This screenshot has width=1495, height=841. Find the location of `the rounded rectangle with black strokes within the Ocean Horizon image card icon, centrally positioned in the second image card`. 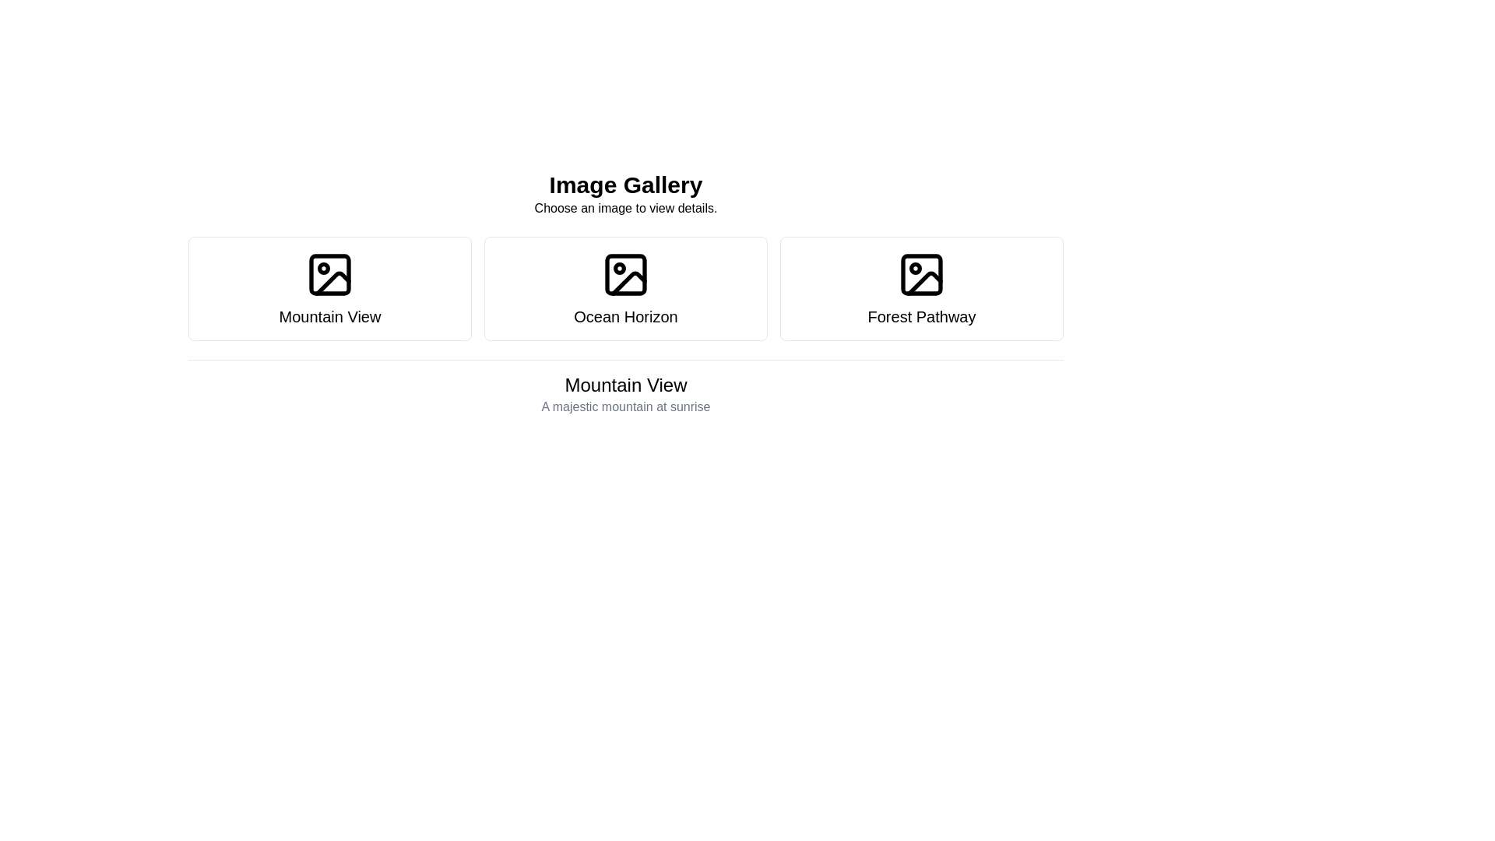

the rounded rectangle with black strokes within the Ocean Horizon image card icon, centrally positioned in the second image card is located at coordinates (626, 274).